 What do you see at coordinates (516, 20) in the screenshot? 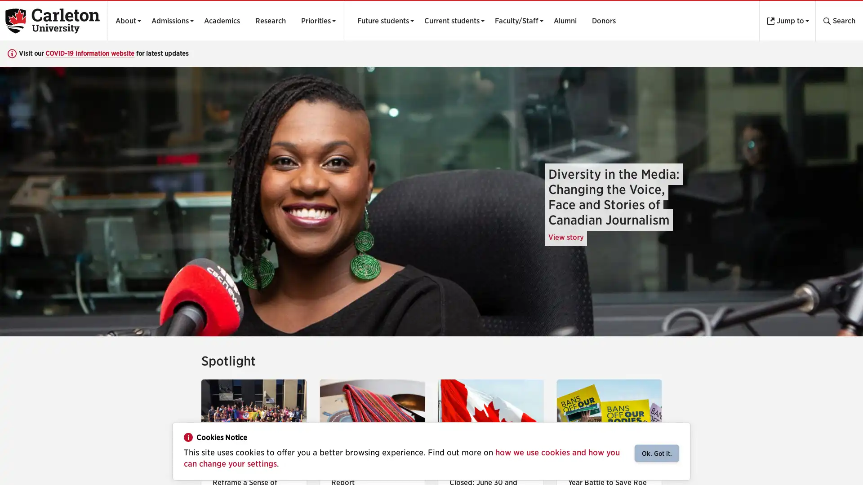
I see `Open Menu` at bounding box center [516, 20].